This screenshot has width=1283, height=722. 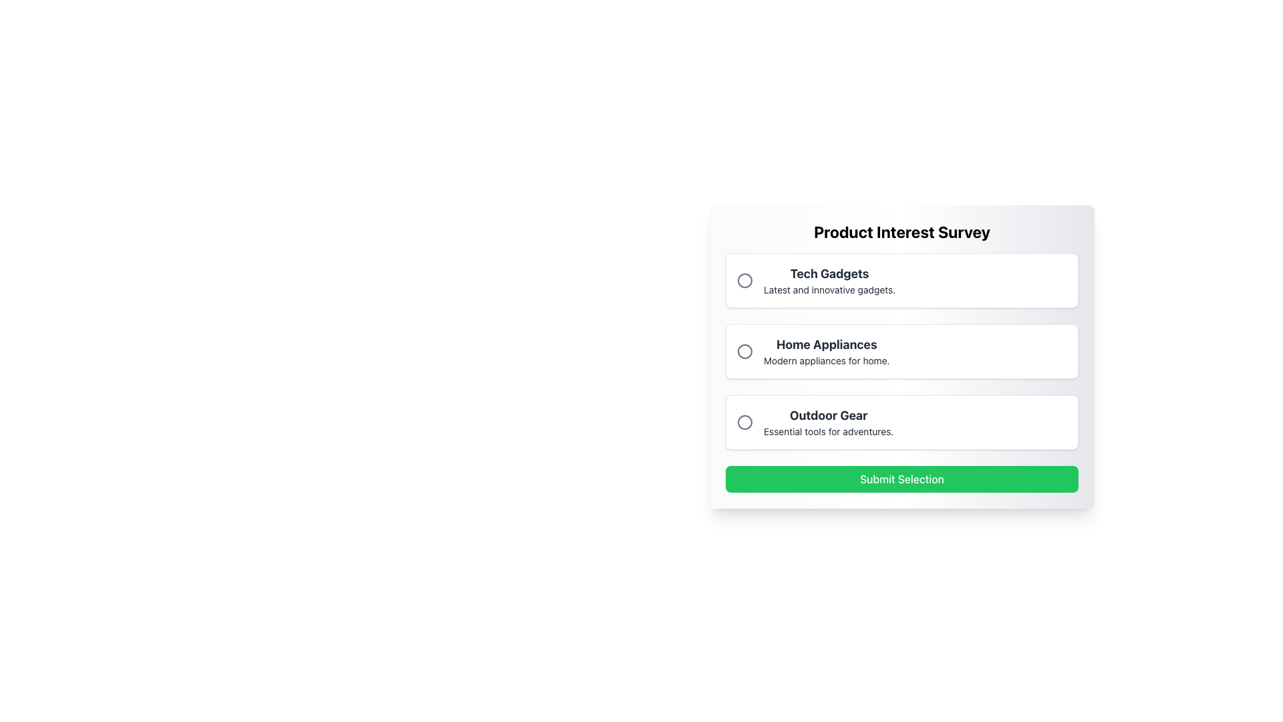 I want to click on the 'Tech Gadgets' text label, which serves as a selectable option in a survey or form, located at the top of the vertical list with a circular selection indicator to its left, so click(x=829, y=280).